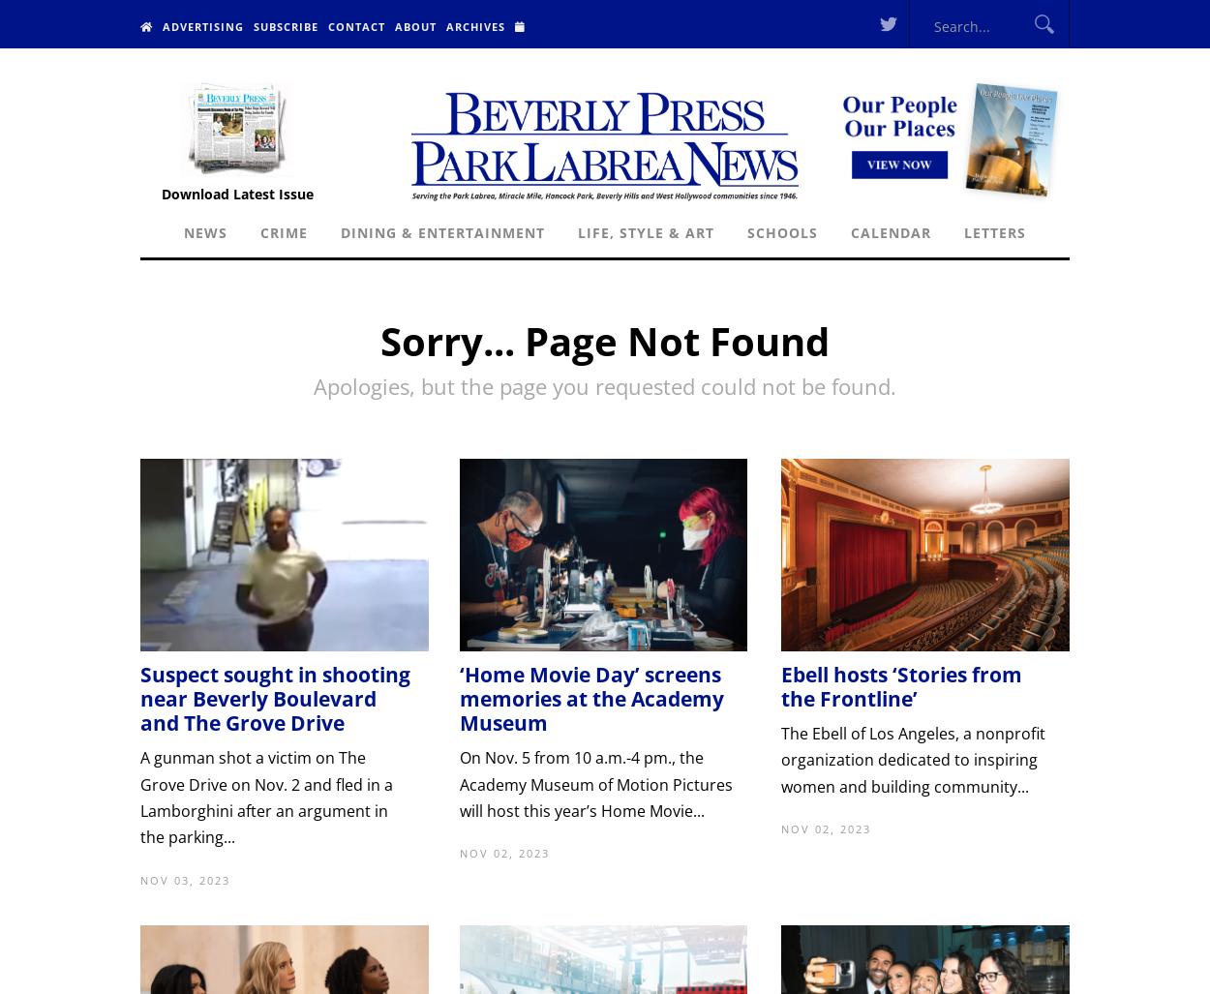 This screenshot has width=1210, height=994. I want to click on 'News', so click(204, 232).